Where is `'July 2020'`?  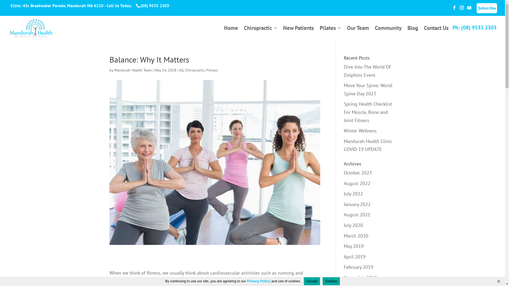 'July 2020' is located at coordinates (353, 225).